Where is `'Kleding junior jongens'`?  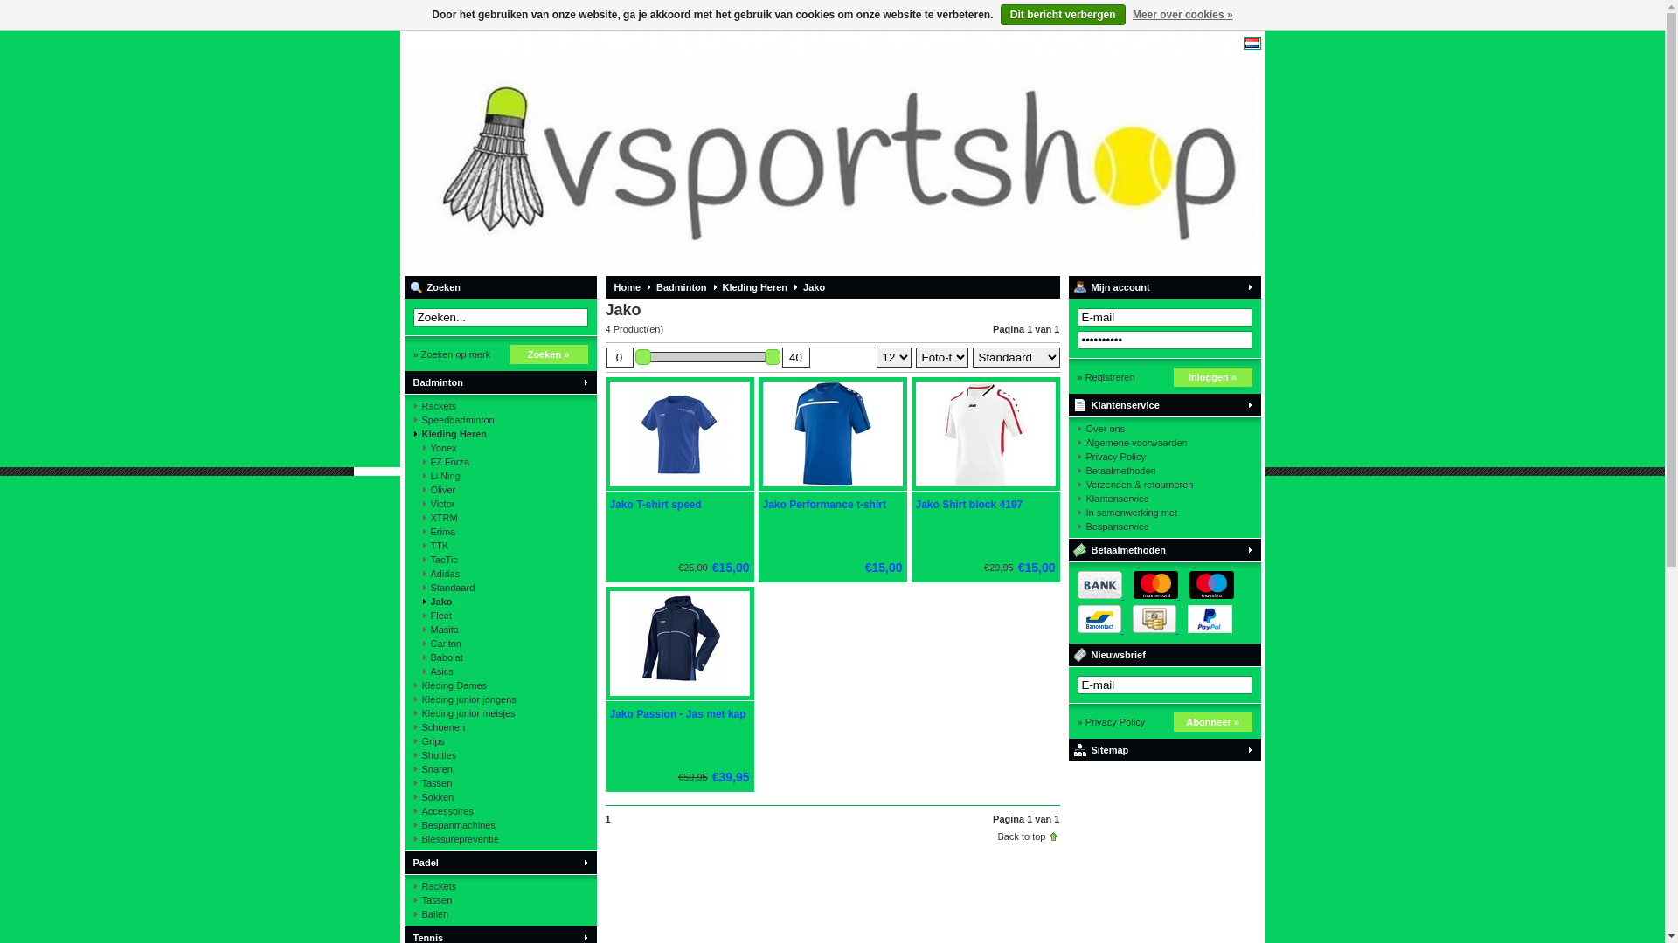
'Kleding junior jongens' is located at coordinates (498, 699).